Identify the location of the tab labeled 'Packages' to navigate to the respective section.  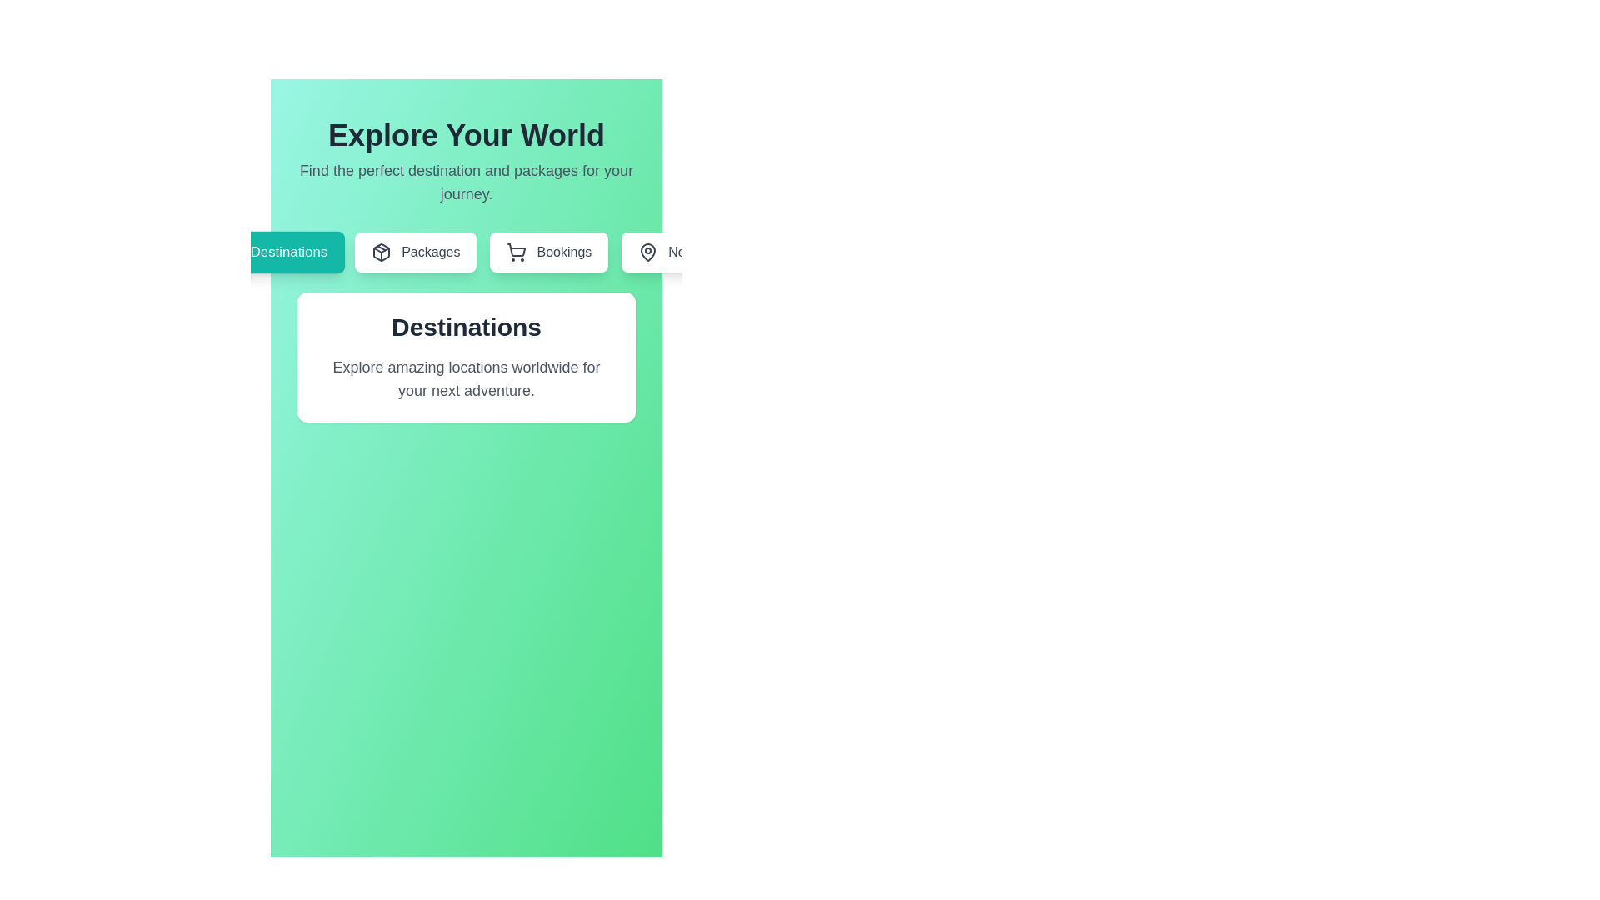
(416, 252).